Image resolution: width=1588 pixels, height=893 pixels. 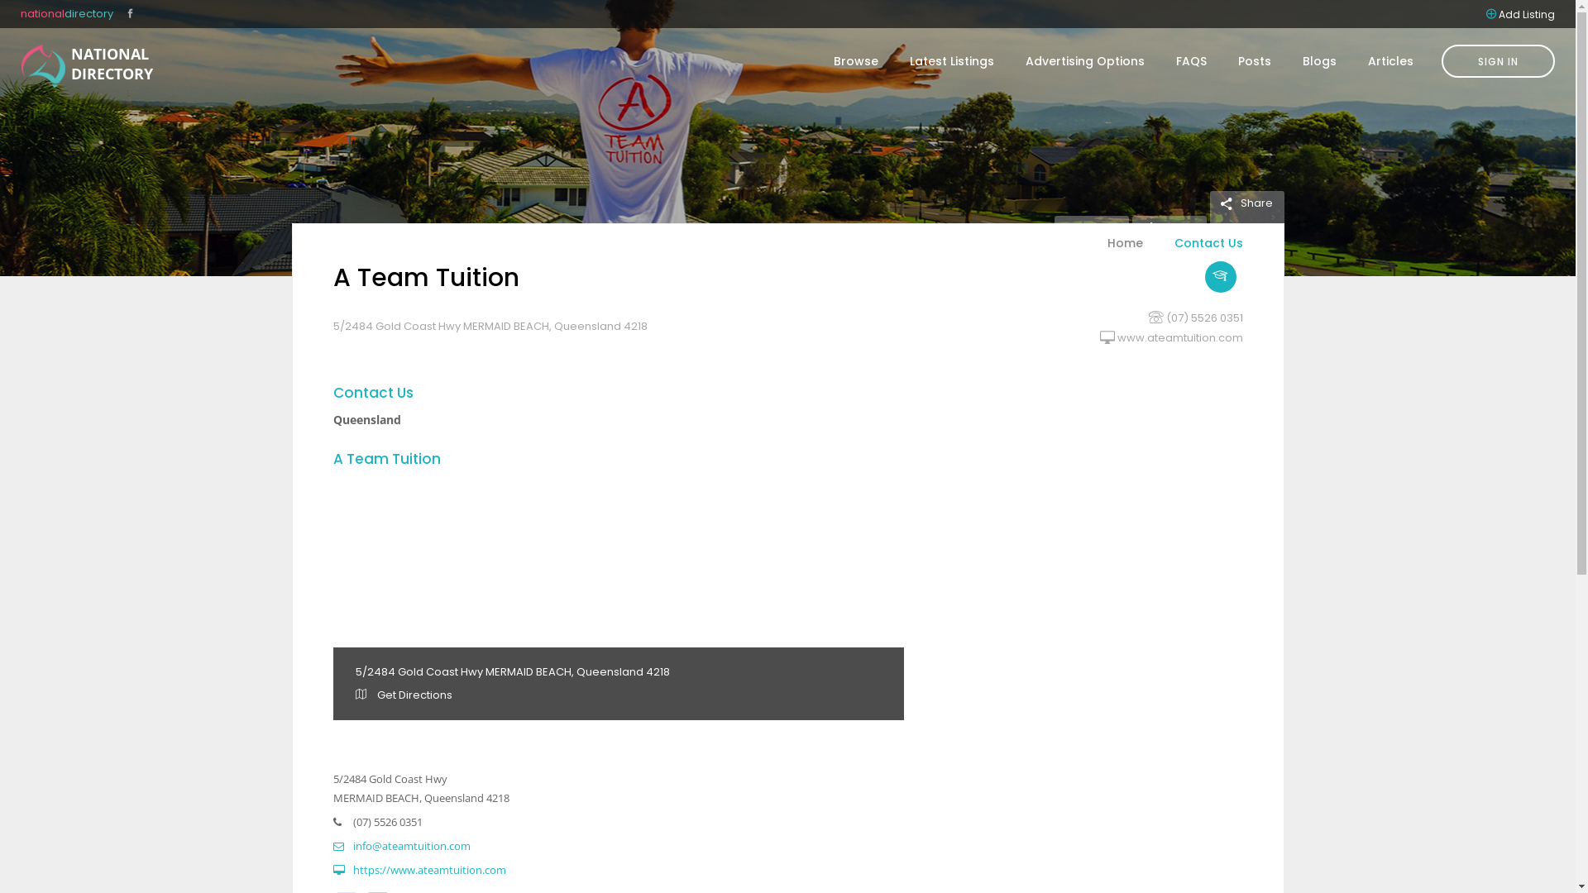 I want to click on 'Get Directions', so click(x=404, y=695).